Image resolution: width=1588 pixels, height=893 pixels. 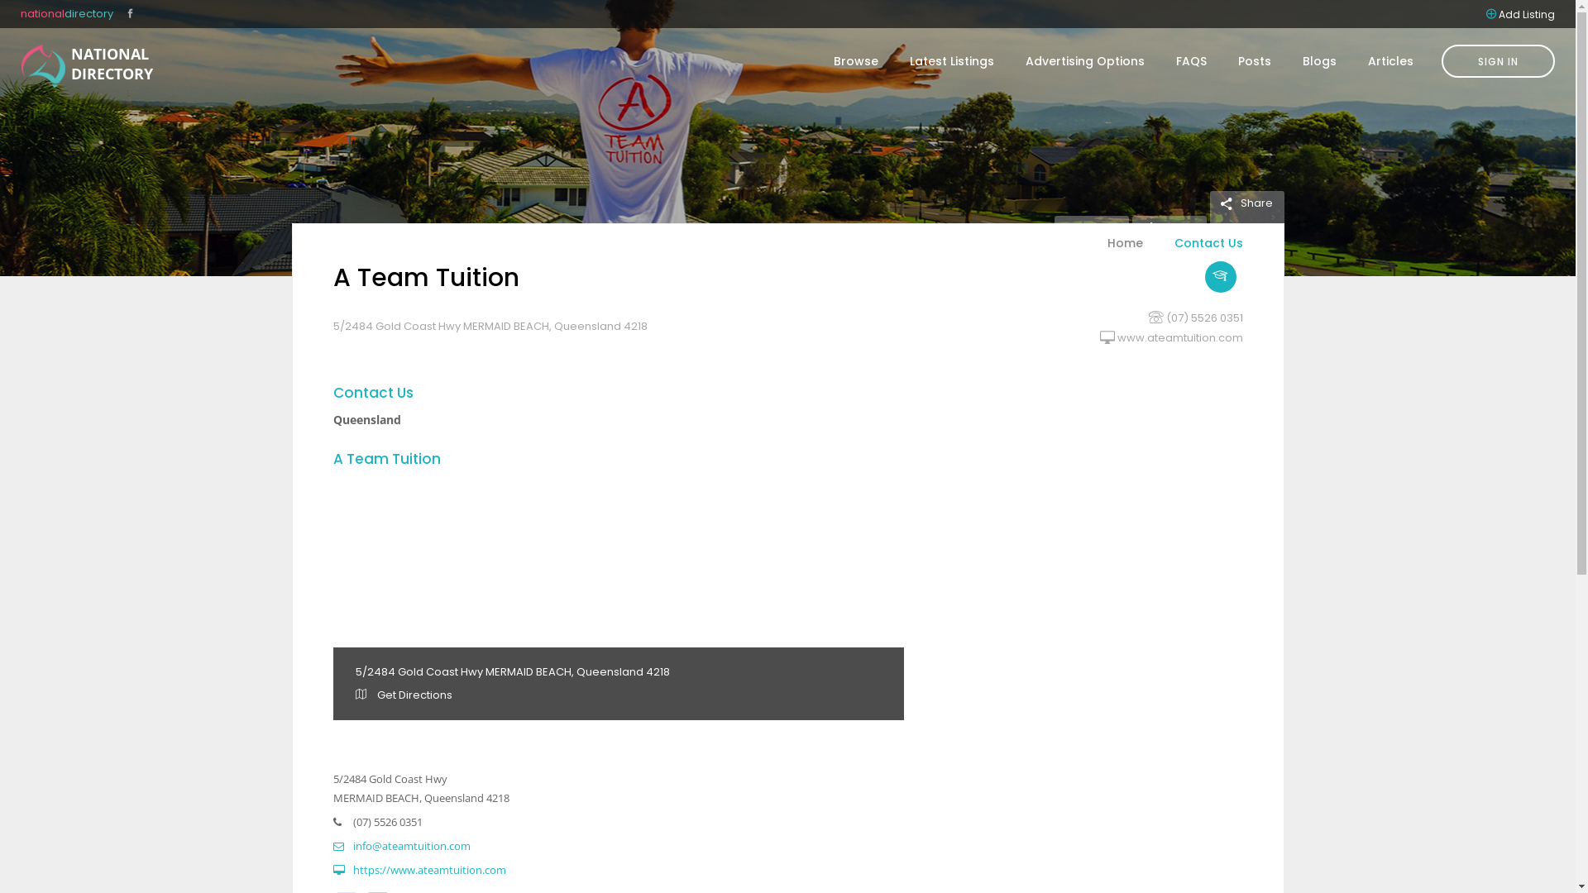 I want to click on 'Get Directions', so click(x=404, y=695).